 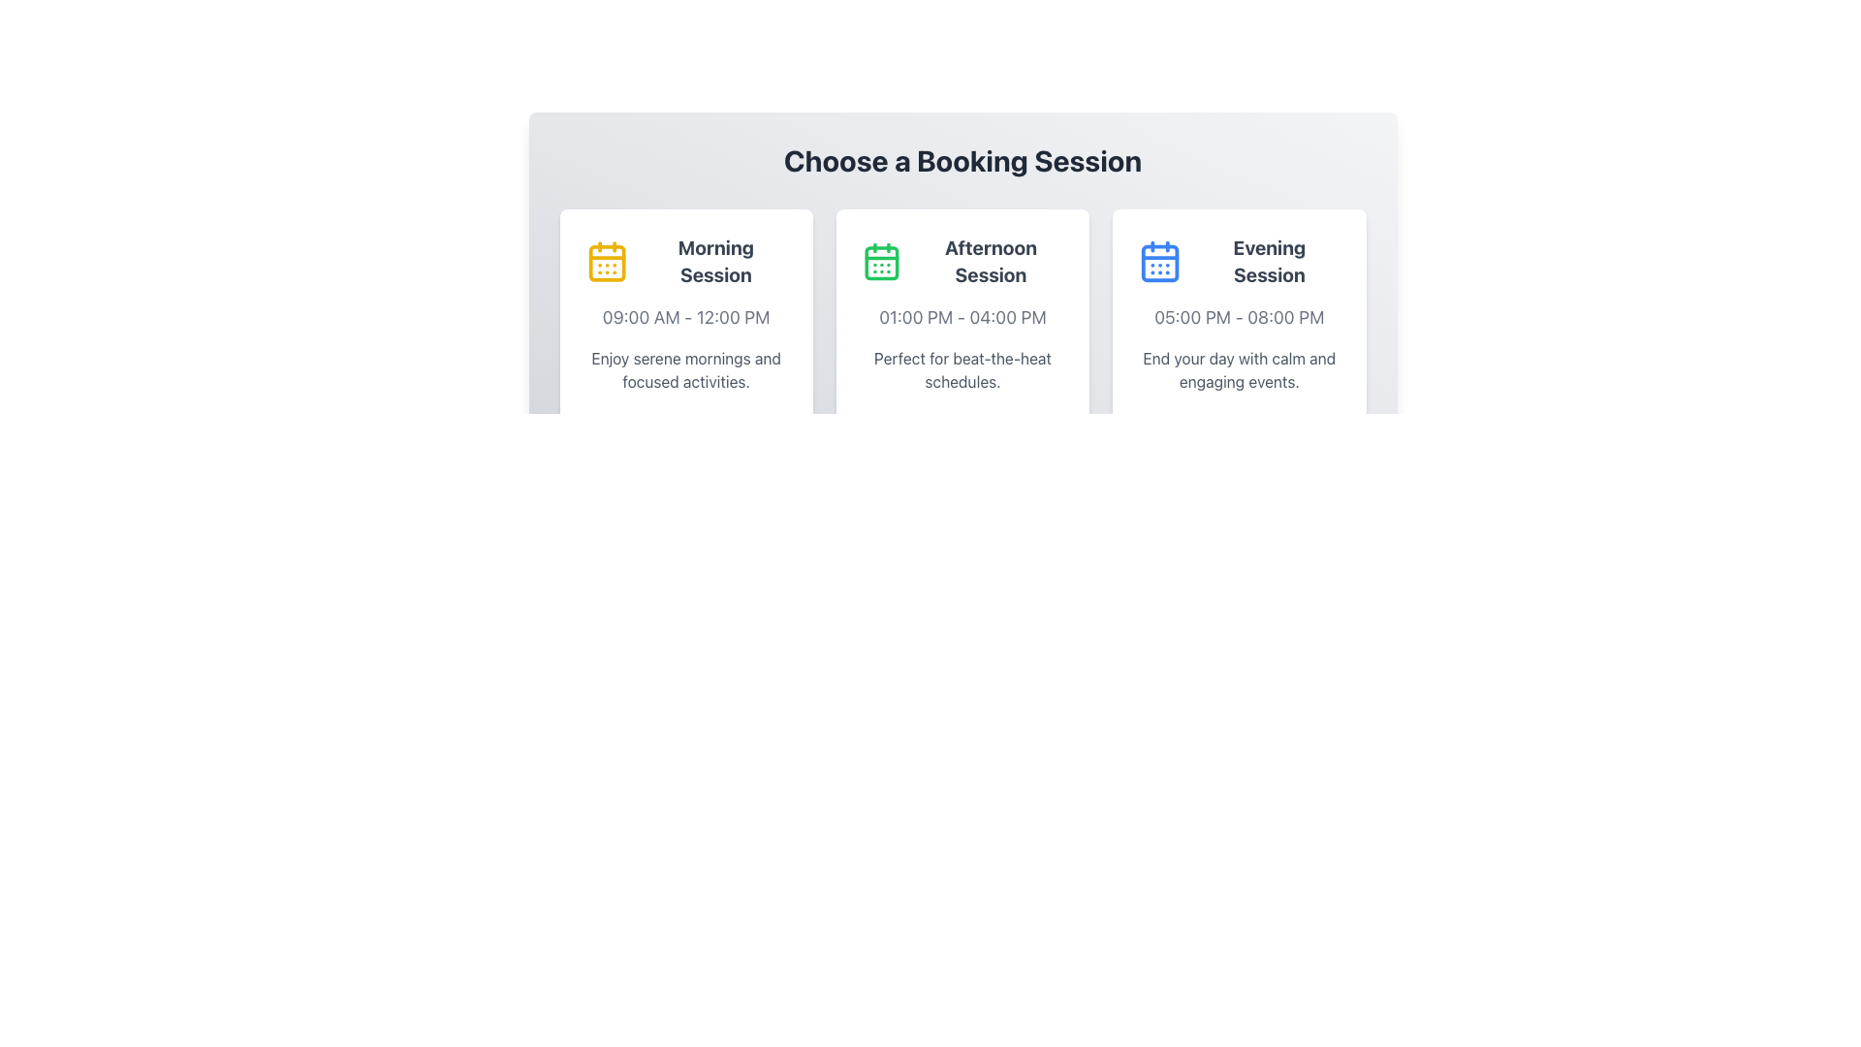 What do you see at coordinates (1160, 263) in the screenshot?
I see `the 'Evening Session' icon located in the third column under the booking options` at bounding box center [1160, 263].